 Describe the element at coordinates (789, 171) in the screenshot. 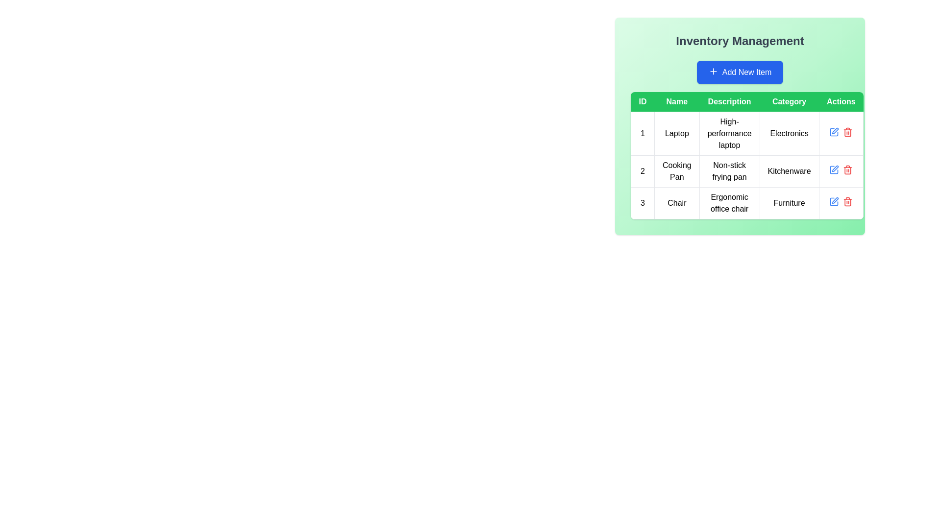

I see `the Table Cell displaying 'Kitchenware' in black font, located in the second row and fourth column of the table` at that location.